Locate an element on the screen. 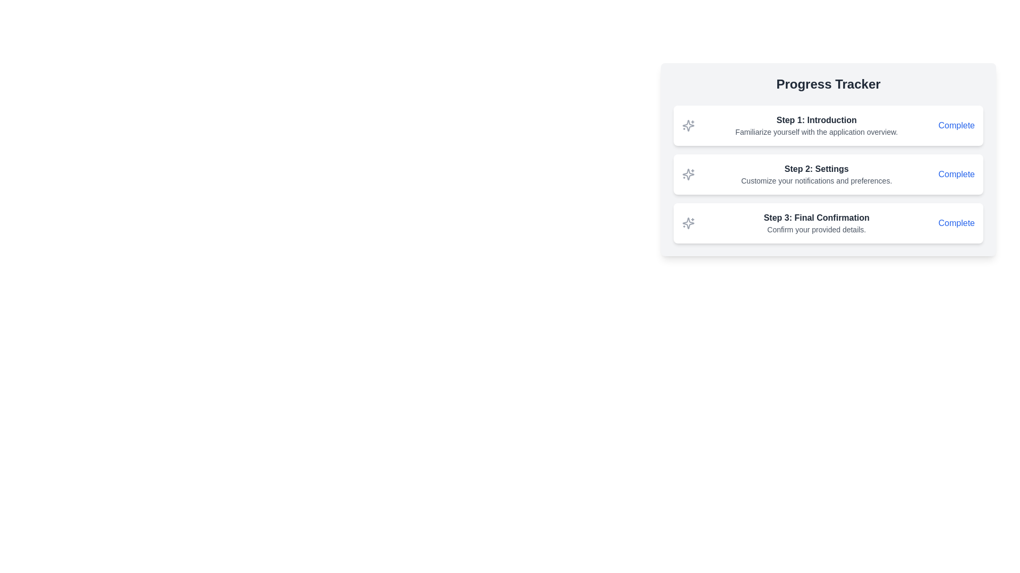 The height and width of the screenshot is (573, 1020). the gray sparkles icon, which is the leftmost icon in the second step of the progress tracker, located between 'Step 1: Introduction' and 'Step 3: Final Confirmation' is located at coordinates (688, 173).